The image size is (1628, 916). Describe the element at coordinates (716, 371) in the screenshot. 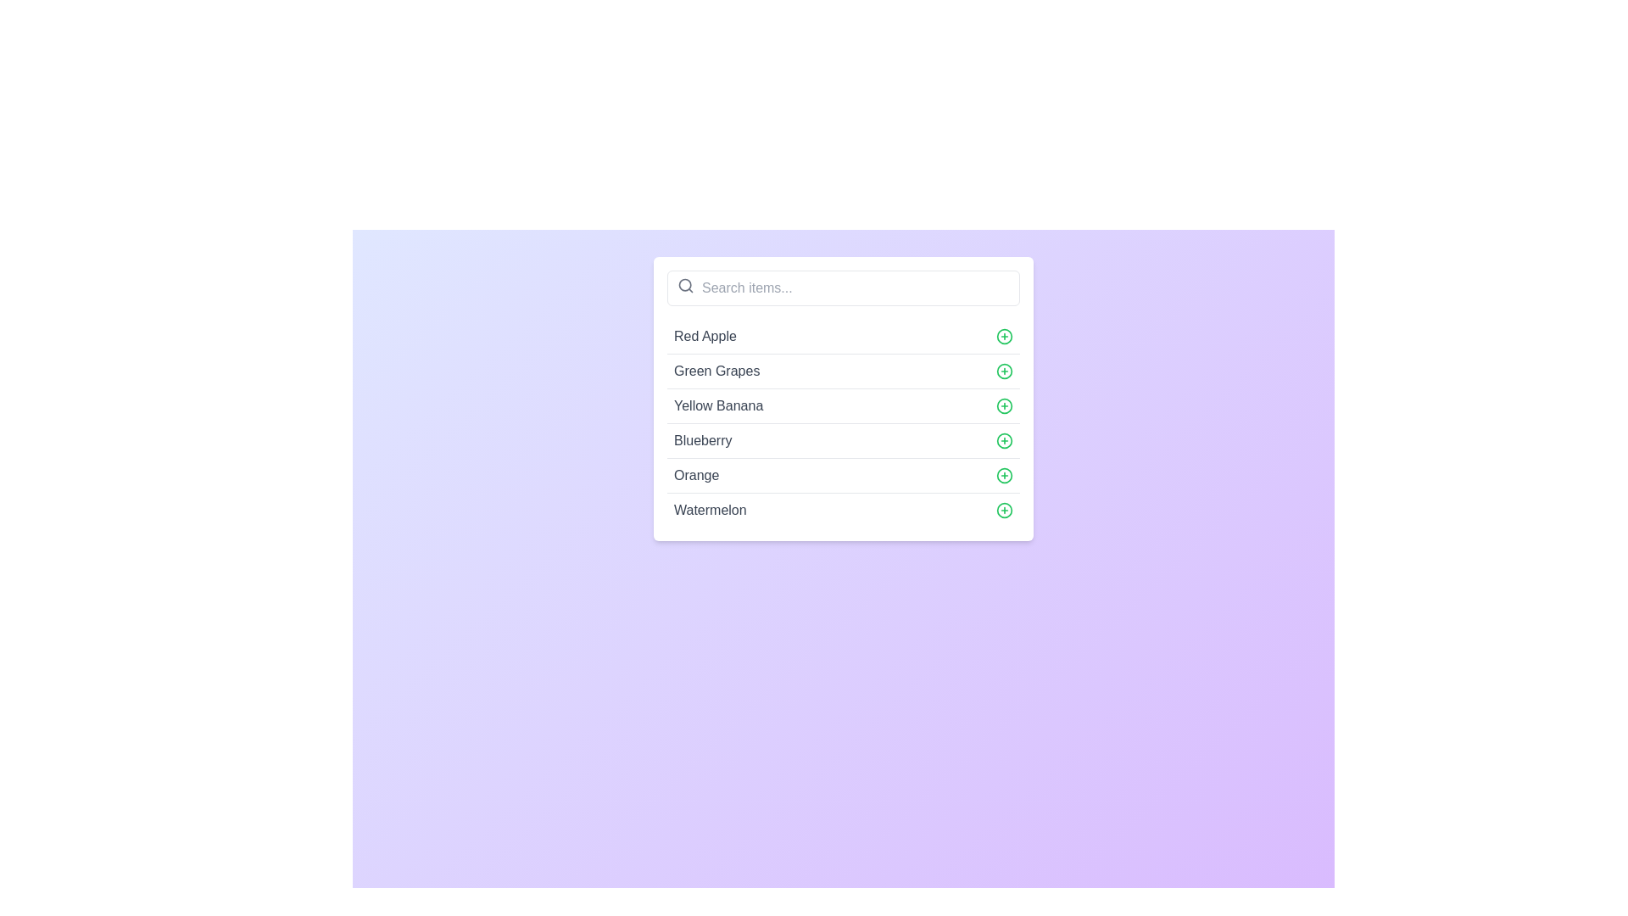

I see `the text element displaying 'Green Grapes'` at that location.